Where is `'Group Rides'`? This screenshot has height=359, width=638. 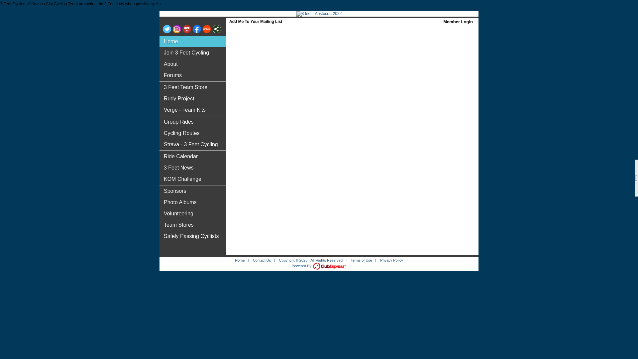
'Group Rides' is located at coordinates (192, 122).